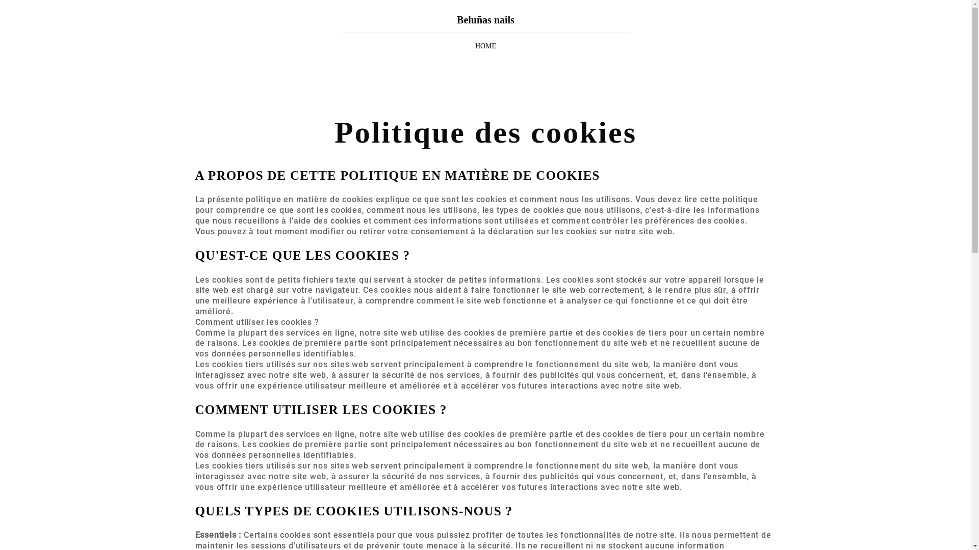  Describe the element at coordinates (485, 46) in the screenshot. I see `'HOME'` at that location.